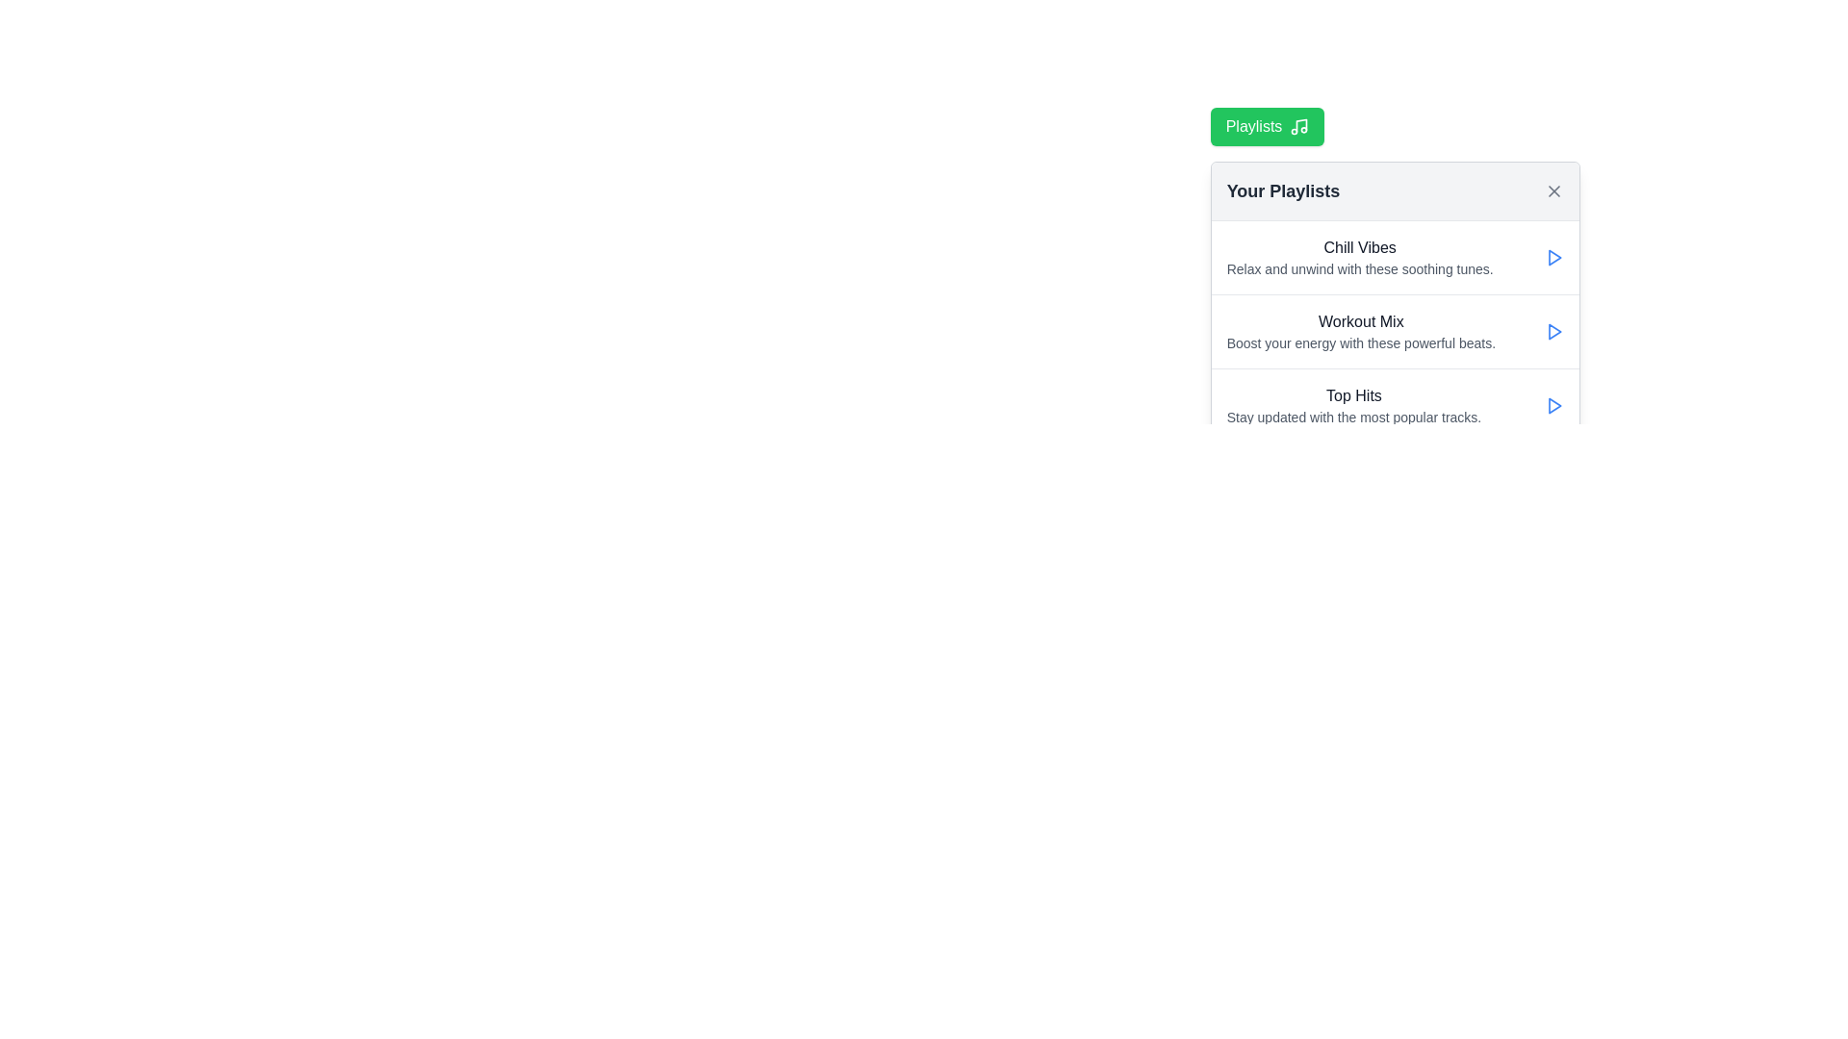 This screenshot has height=1039, width=1848. Describe the element at coordinates (1359, 256) in the screenshot. I see `the 'Chill Vibes' text block which is the first item in the 'Your Playlists' card` at that location.